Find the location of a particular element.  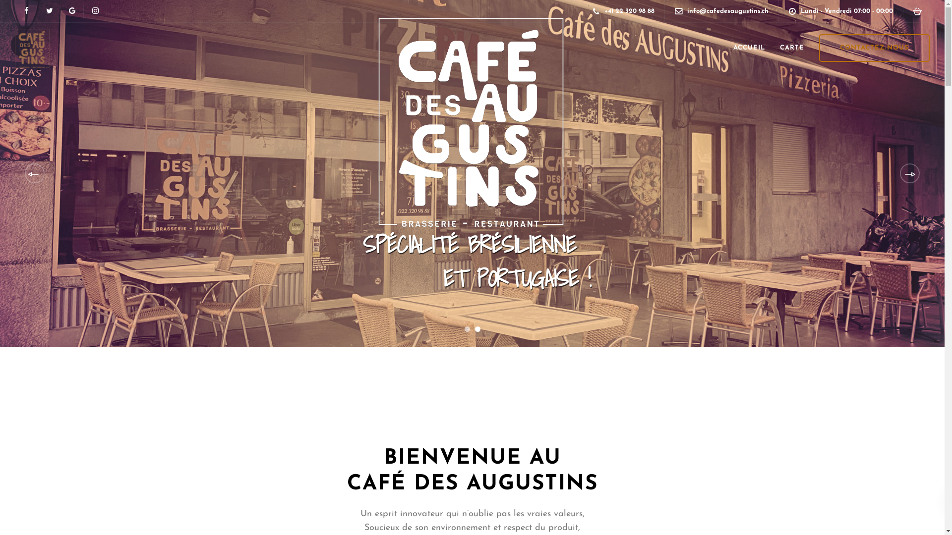

'CARTE' is located at coordinates (772, 48).